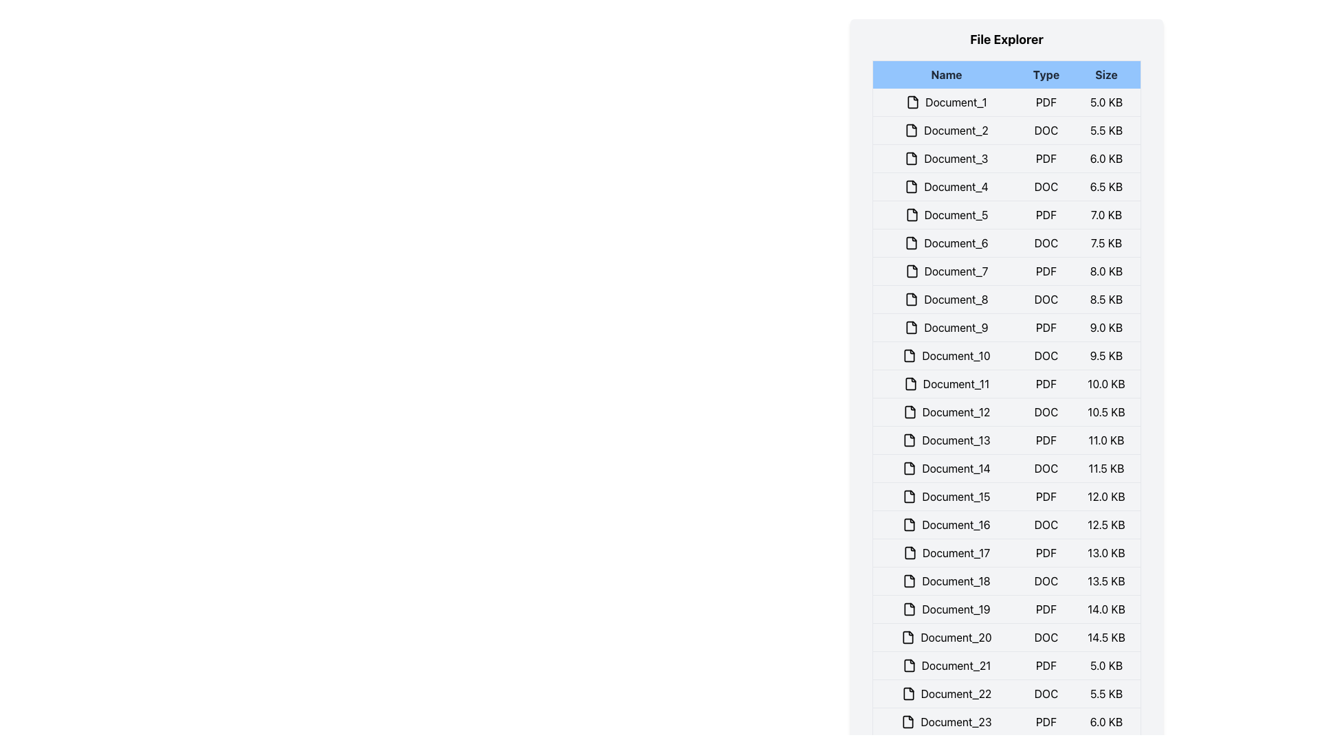 The image size is (1320, 742). I want to click on the document icon, so click(912, 271).